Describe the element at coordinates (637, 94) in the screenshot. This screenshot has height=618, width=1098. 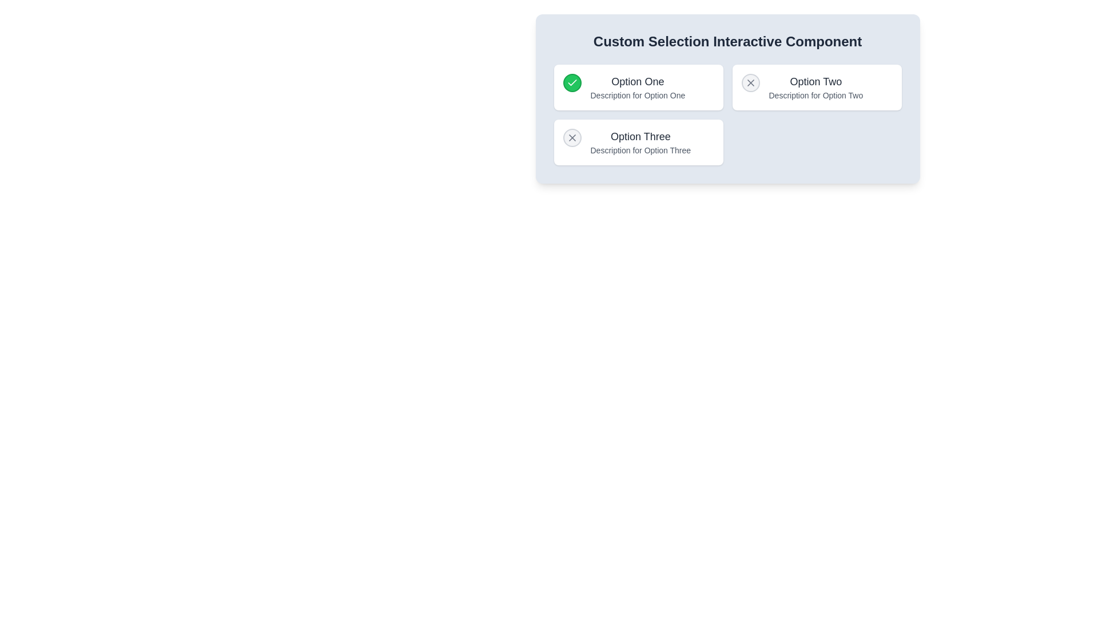
I see `the supplementary text description located directly below 'Option One' on the first option card in the horizontal list` at that location.